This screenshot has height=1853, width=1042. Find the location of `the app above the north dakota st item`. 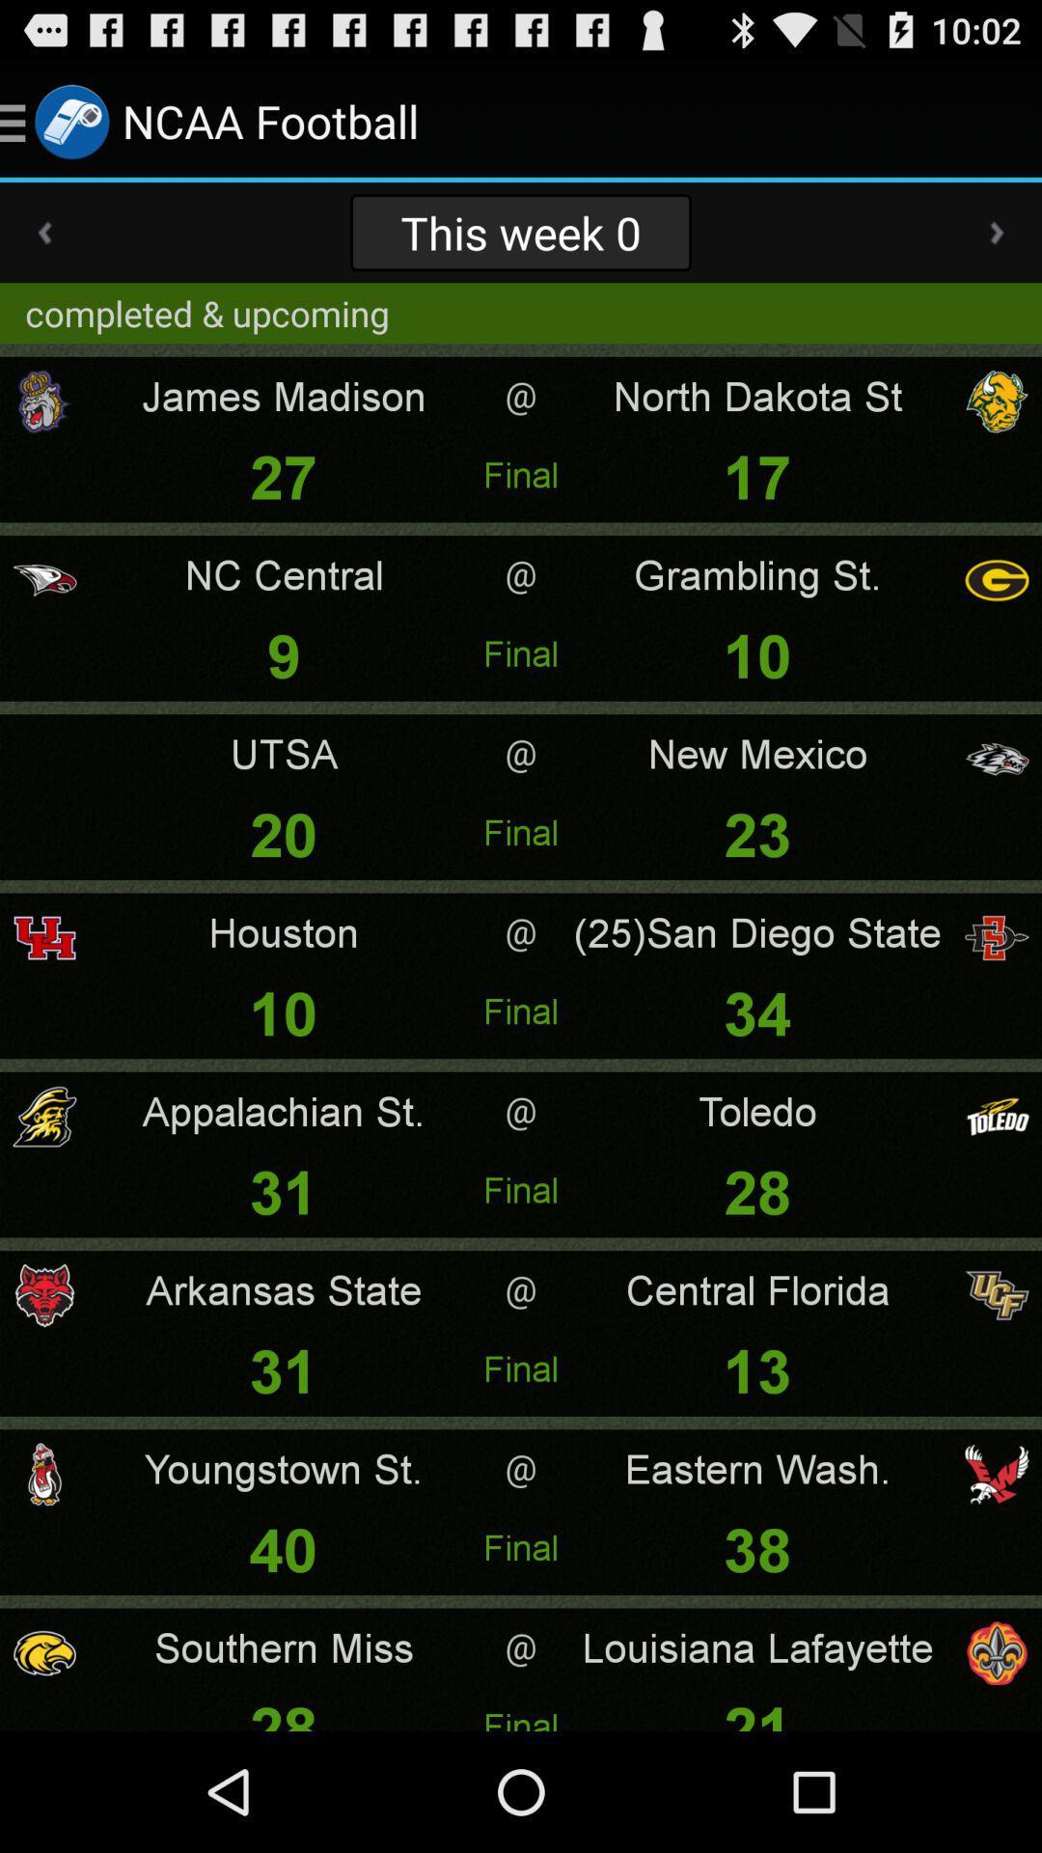

the app above the north dakota st item is located at coordinates (997, 232).